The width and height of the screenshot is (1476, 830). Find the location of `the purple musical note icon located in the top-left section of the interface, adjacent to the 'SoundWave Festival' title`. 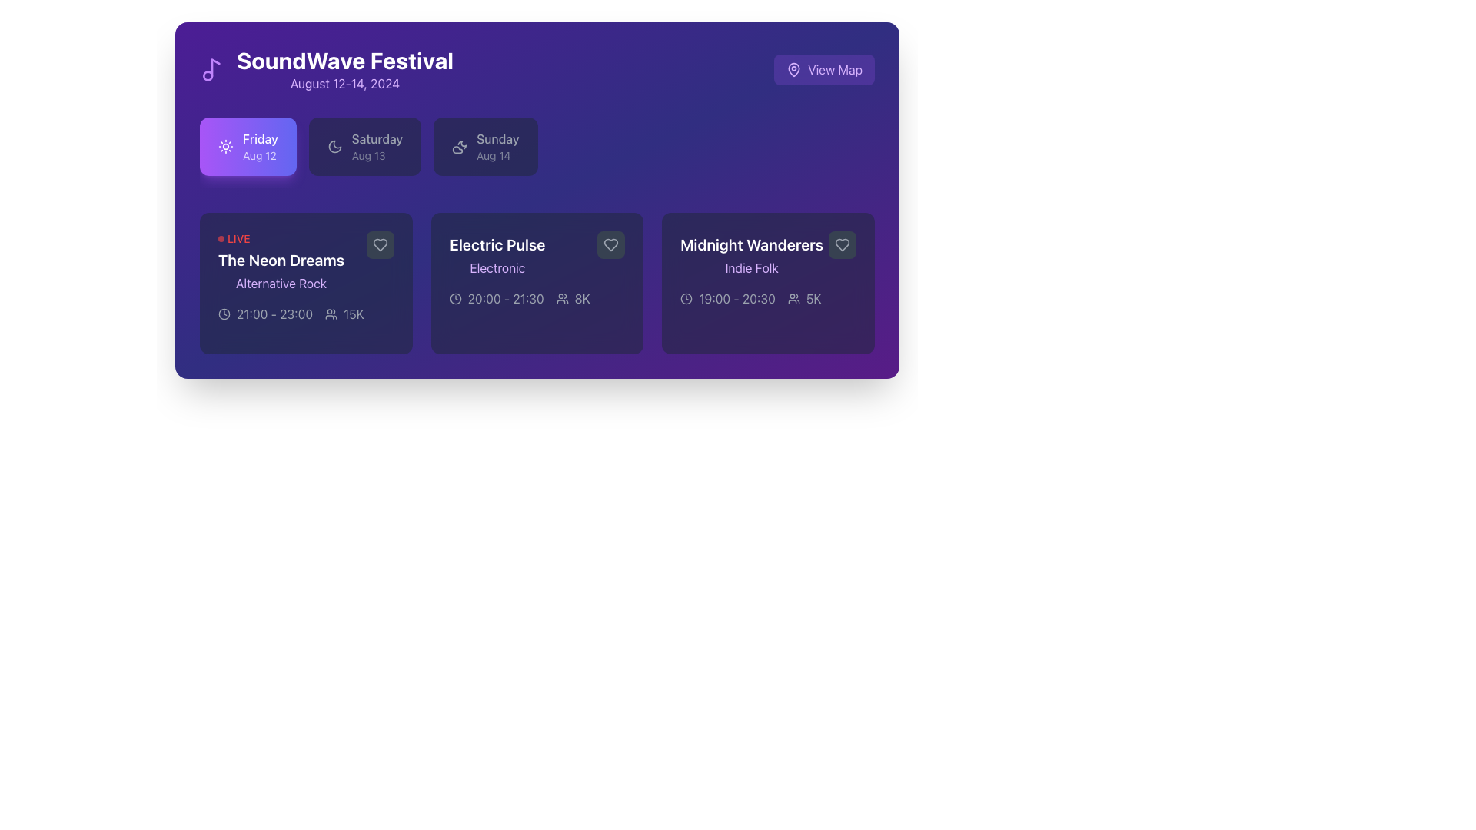

the purple musical note icon located in the top-left section of the interface, adjacent to the 'SoundWave Festival' title is located at coordinates (214, 67).